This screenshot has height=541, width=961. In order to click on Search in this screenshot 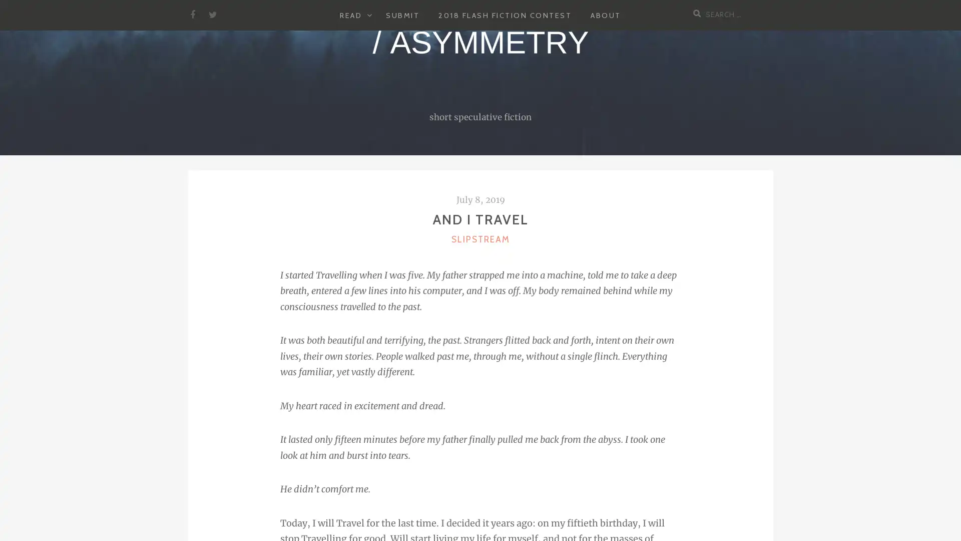, I will do `click(698, 13)`.